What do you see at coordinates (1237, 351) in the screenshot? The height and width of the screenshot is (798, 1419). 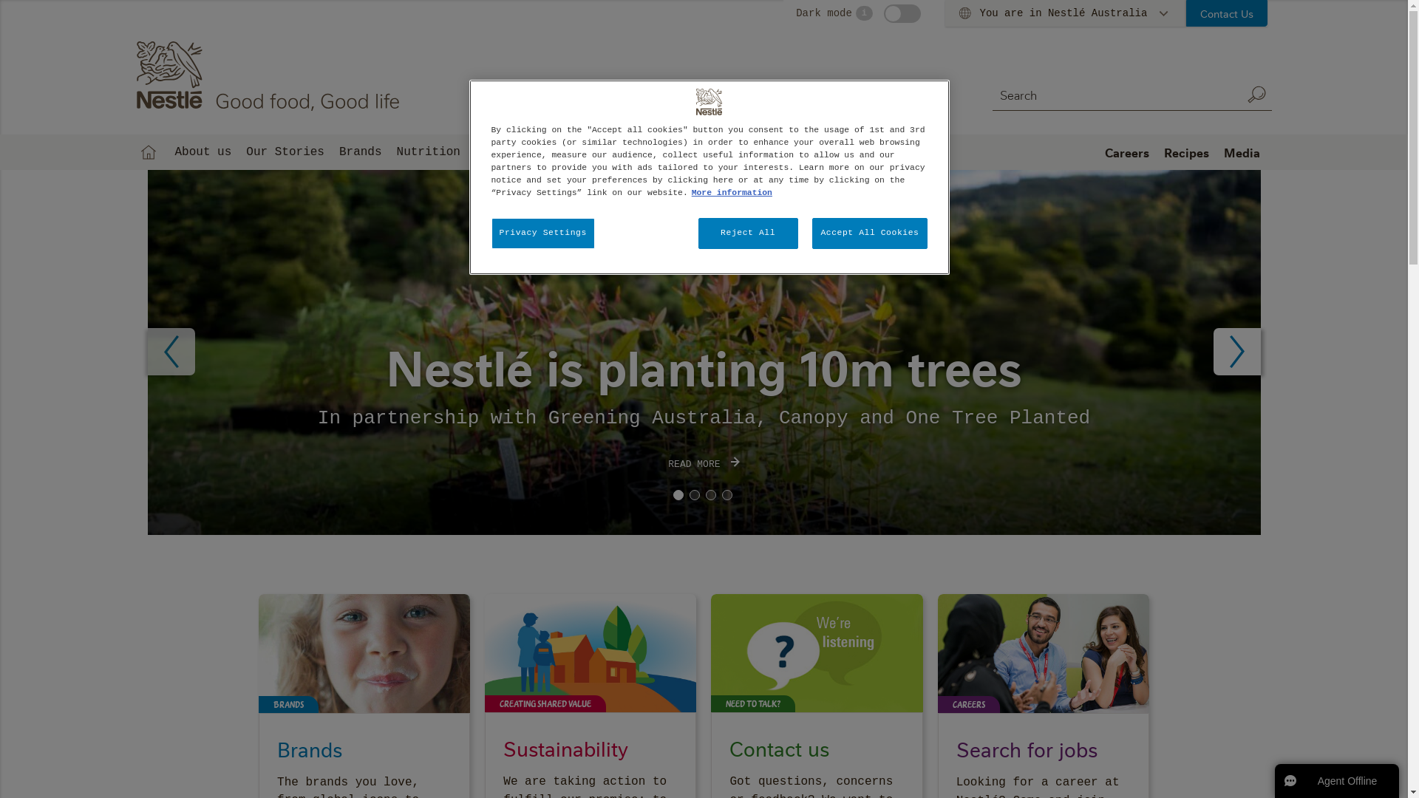 I see `'Next'` at bounding box center [1237, 351].